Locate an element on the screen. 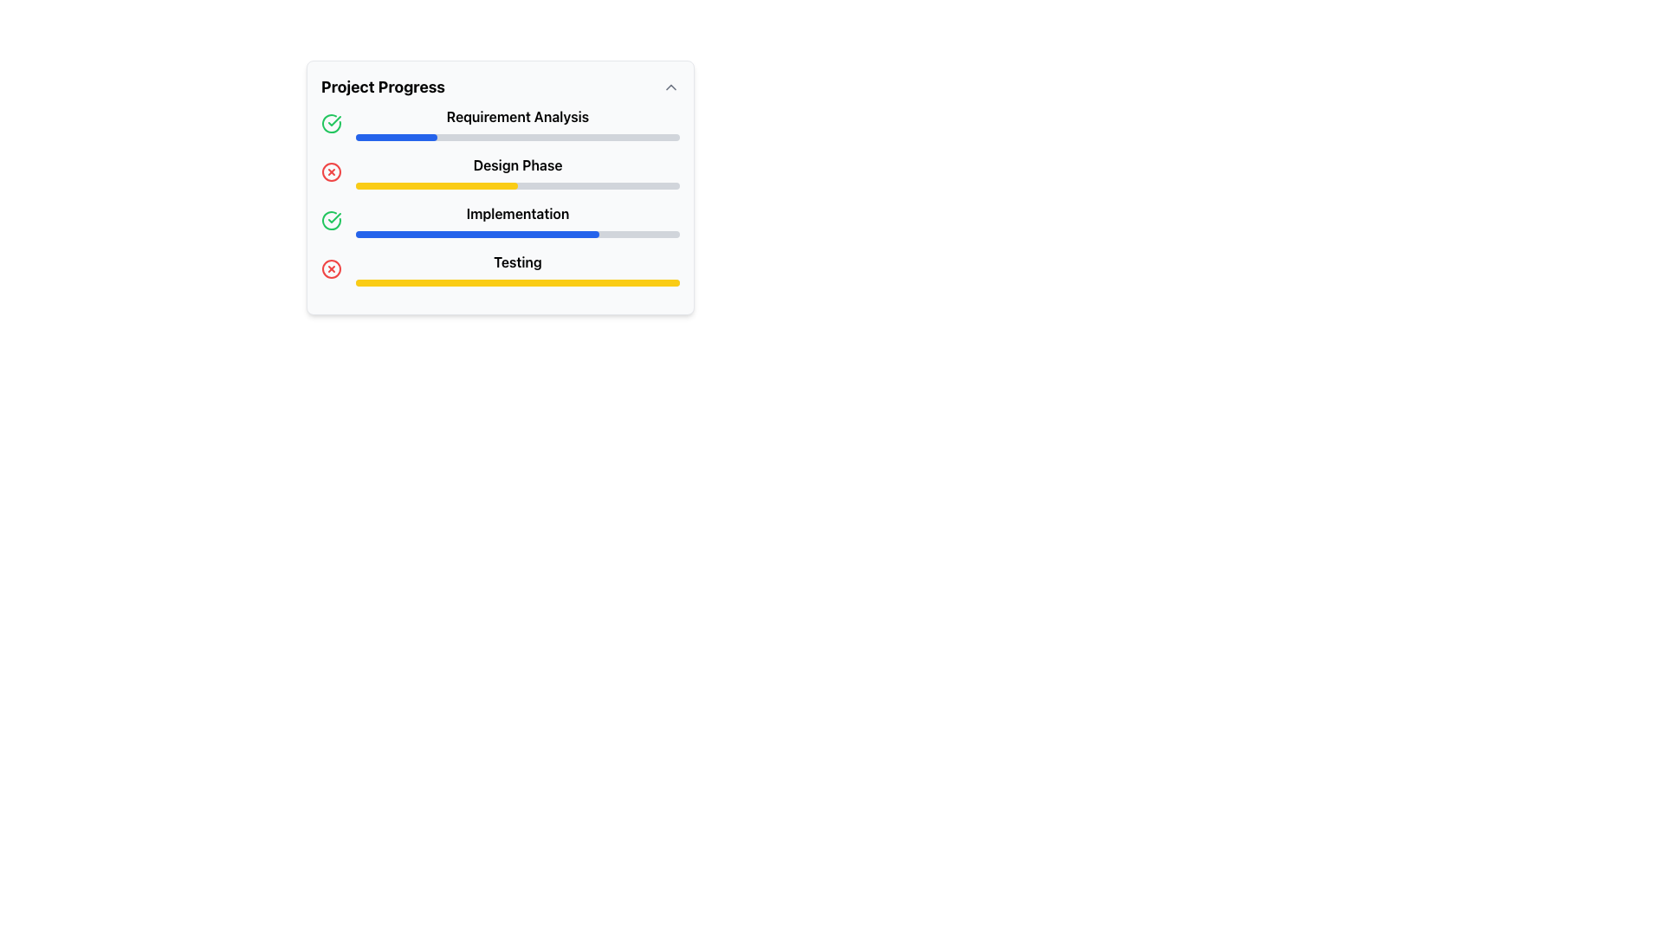 The image size is (1663, 935). the Text Label that serves as a descriptive header for the project-related progress and status, positioned at the leftmost side of the heading area above the content below is located at coordinates (382, 87).